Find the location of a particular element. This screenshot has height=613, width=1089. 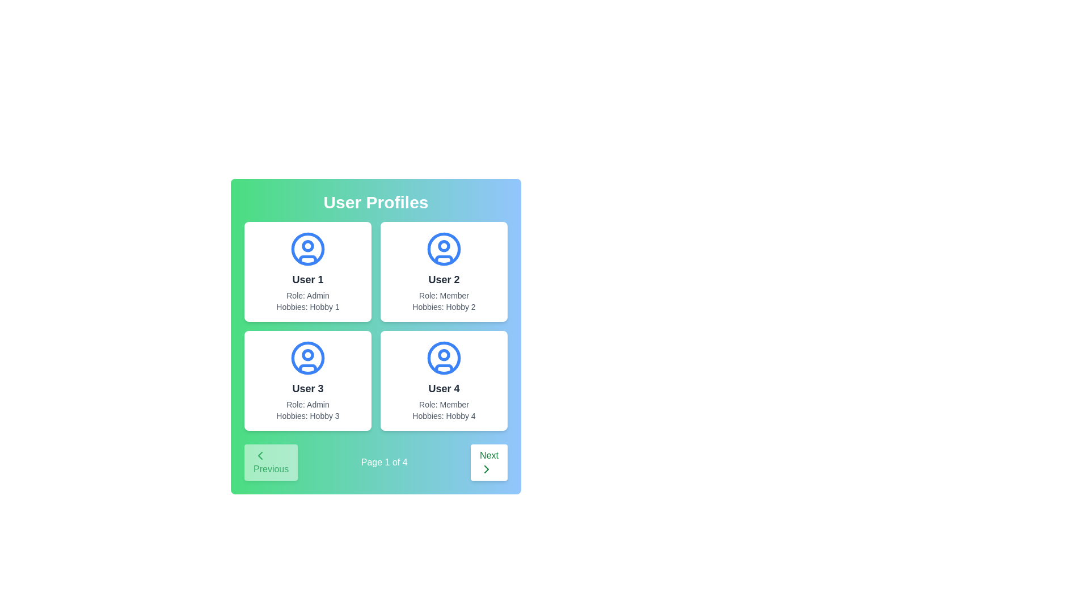

the Text Label that identifies the user as 'User 1' within the user profile card, positioned above the text 'Role: Admin.' is located at coordinates (307, 280).